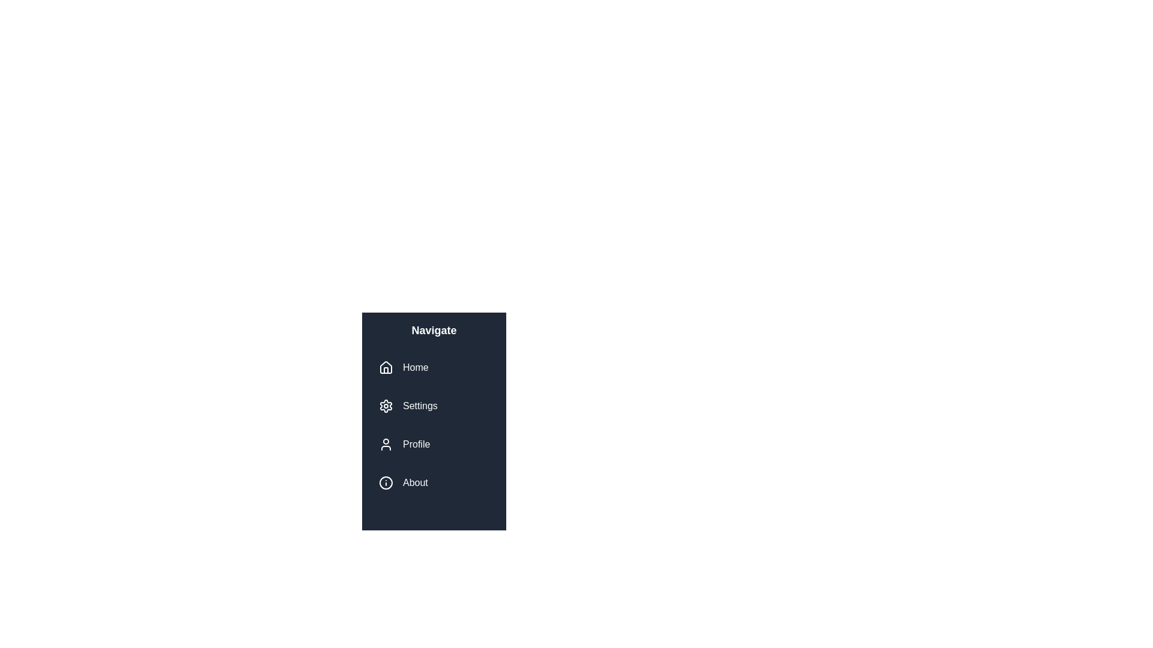 This screenshot has height=648, width=1153. Describe the element at coordinates (386, 367) in the screenshot. I see `the roof part of the 'house' icon in the navigation panel, which visually indicates the 'Home' option` at that location.